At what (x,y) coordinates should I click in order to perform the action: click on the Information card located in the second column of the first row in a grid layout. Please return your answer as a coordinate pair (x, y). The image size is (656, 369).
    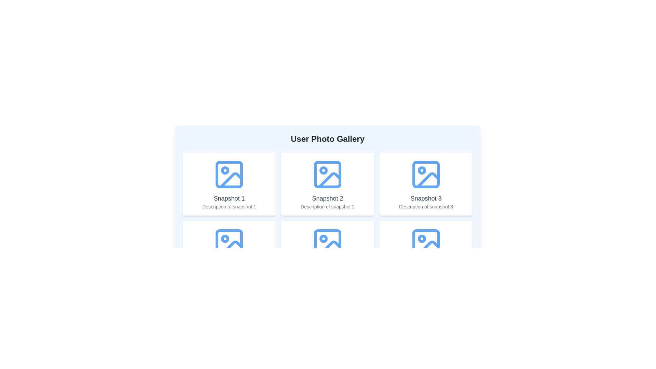
    Looking at the image, I should click on (327, 184).